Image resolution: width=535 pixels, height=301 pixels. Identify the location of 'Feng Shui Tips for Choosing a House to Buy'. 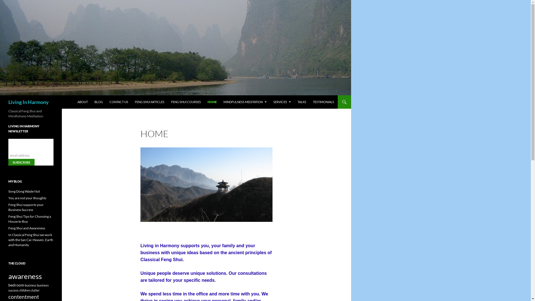
(29, 219).